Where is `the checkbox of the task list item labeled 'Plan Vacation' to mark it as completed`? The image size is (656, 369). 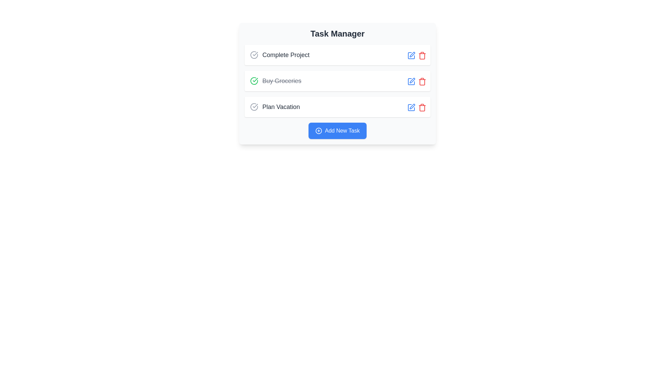 the checkbox of the task list item labeled 'Plan Vacation' to mark it as completed is located at coordinates (338, 107).